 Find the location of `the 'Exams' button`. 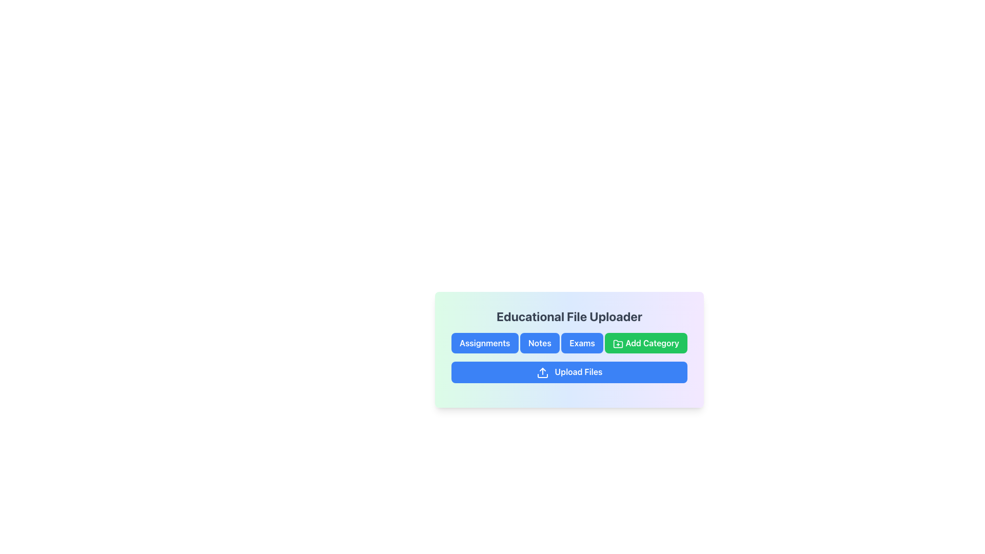

the 'Exams' button is located at coordinates (582, 343).